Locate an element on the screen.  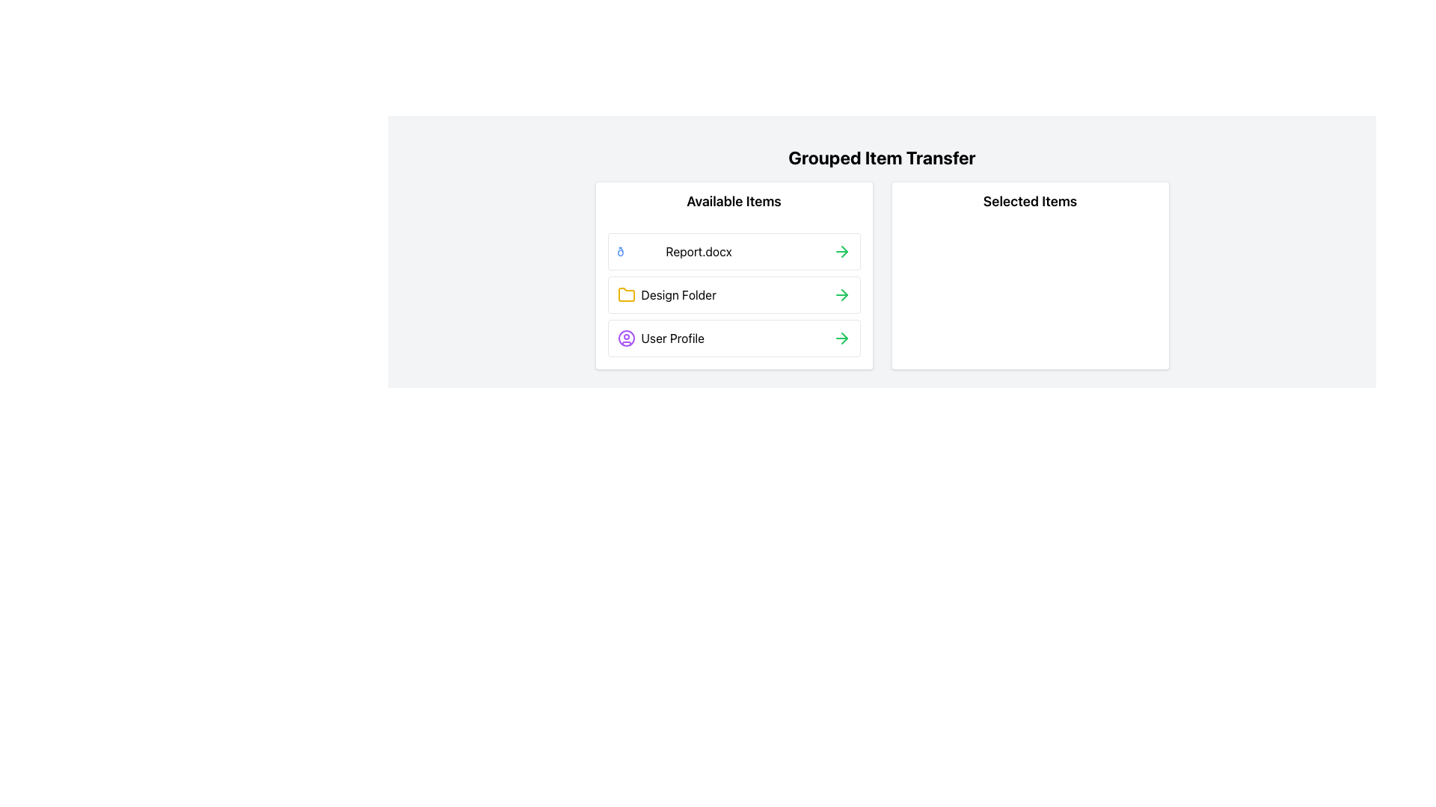
the list item representing a file in the 'Available Items' section is located at coordinates (734, 250).